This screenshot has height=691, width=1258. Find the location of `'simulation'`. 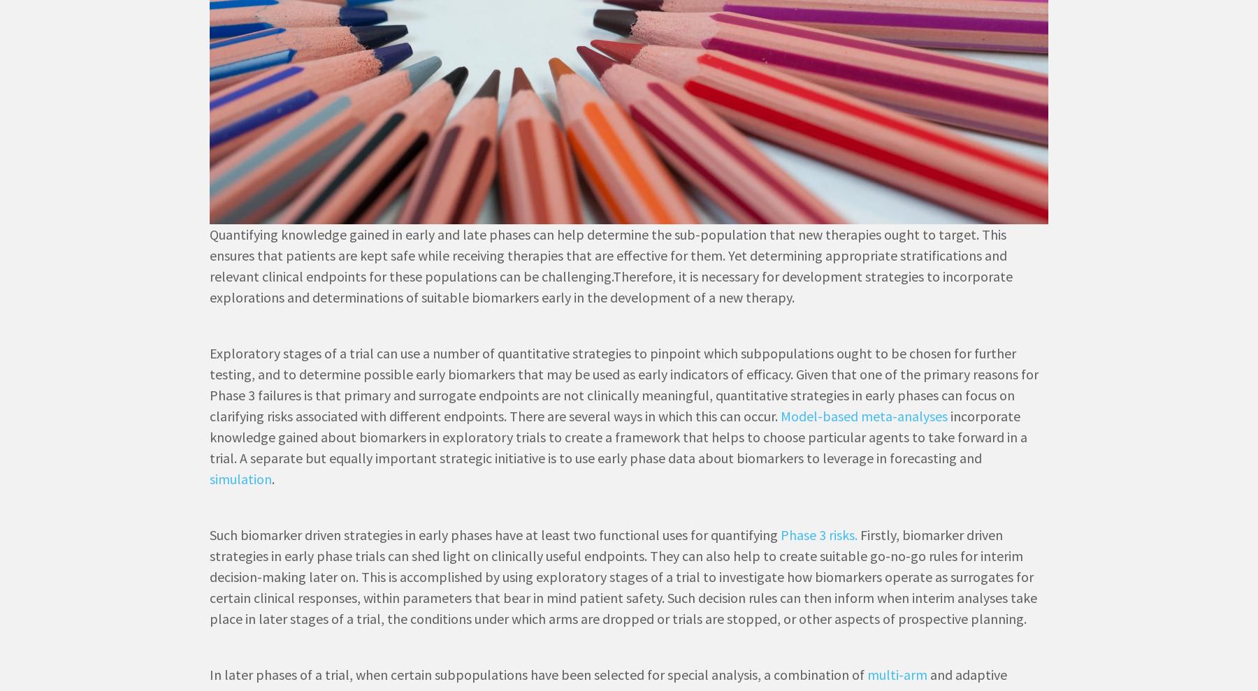

'simulation' is located at coordinates (240, 478).